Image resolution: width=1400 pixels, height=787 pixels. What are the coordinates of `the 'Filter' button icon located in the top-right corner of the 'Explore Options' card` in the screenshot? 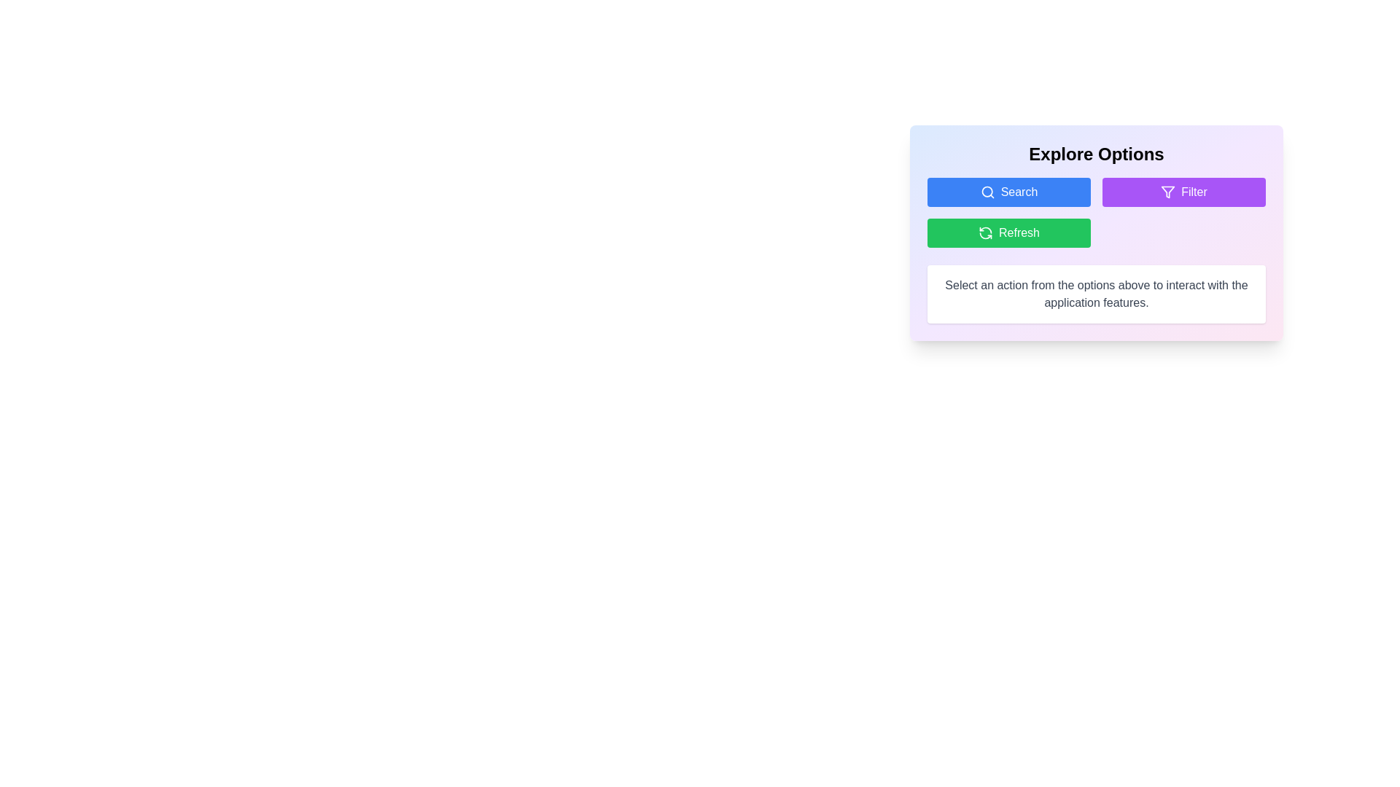 It's located at (1168, 191).